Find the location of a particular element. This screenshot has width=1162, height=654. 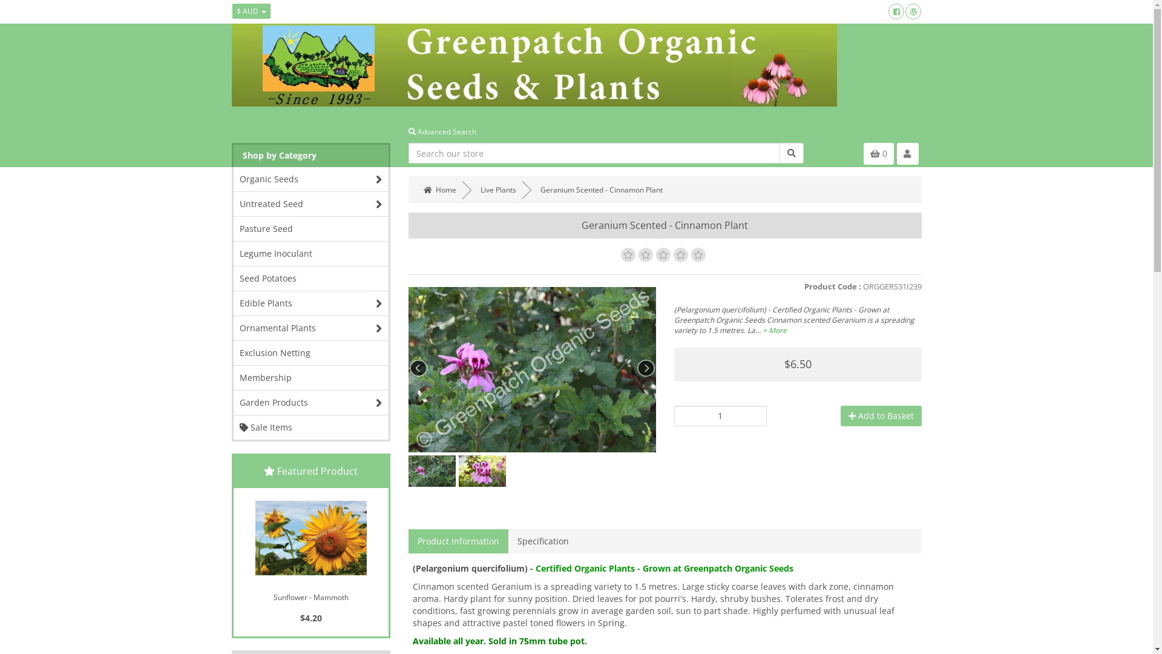

' Home' is located at coordinates (418, 190).